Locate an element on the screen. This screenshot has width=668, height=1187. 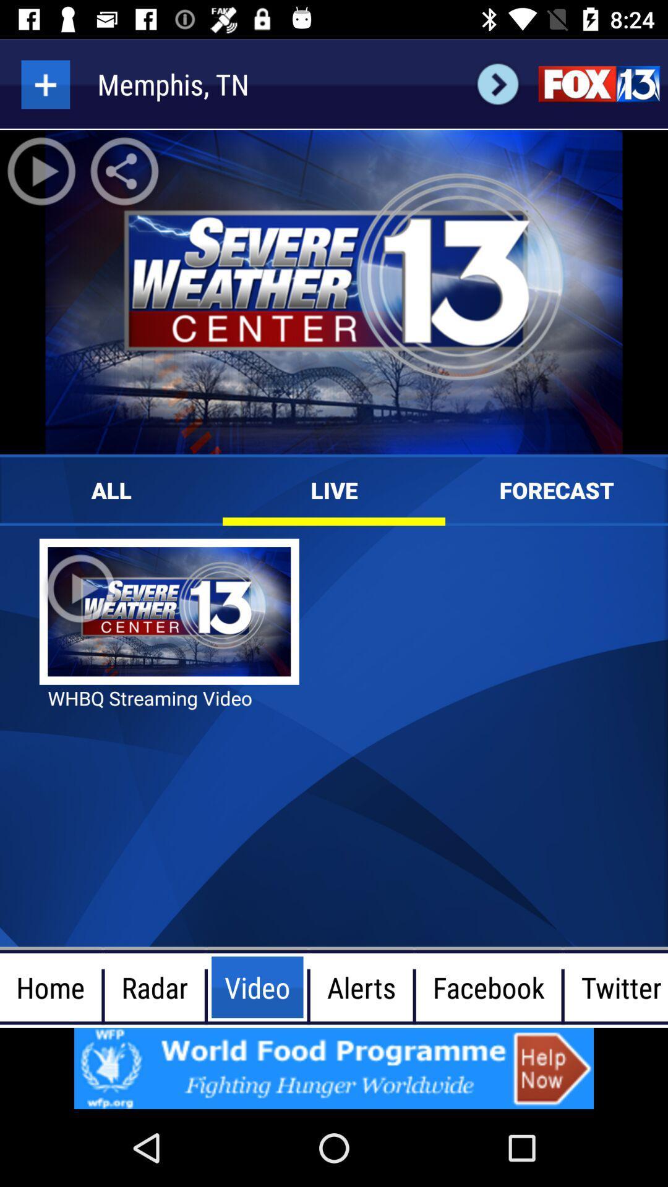
fox 13 is located at coordinates (598, 83).